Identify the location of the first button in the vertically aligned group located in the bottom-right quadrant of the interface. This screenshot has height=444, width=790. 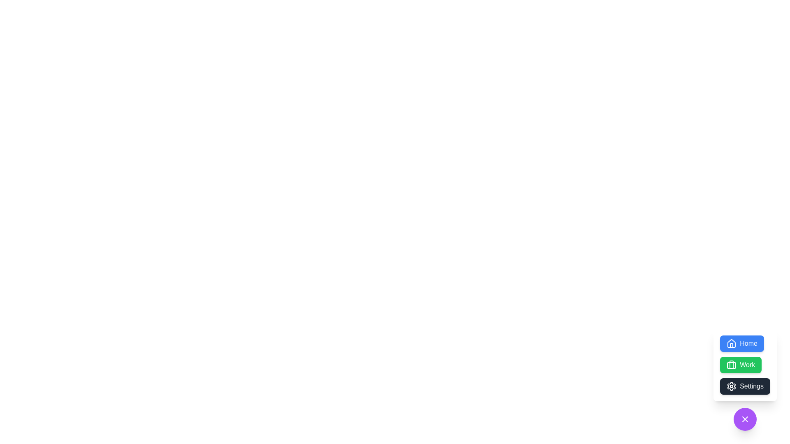
(742, 344).